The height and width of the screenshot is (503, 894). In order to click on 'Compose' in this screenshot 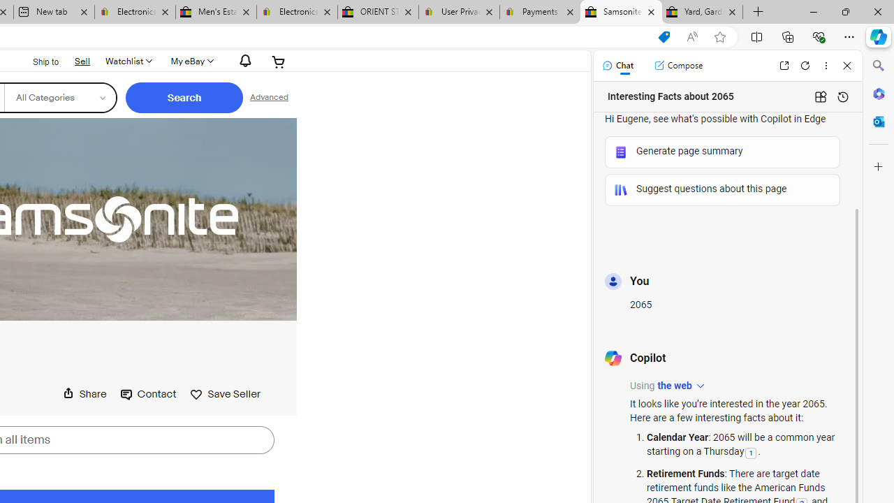, I will do `click(678, 65)`.